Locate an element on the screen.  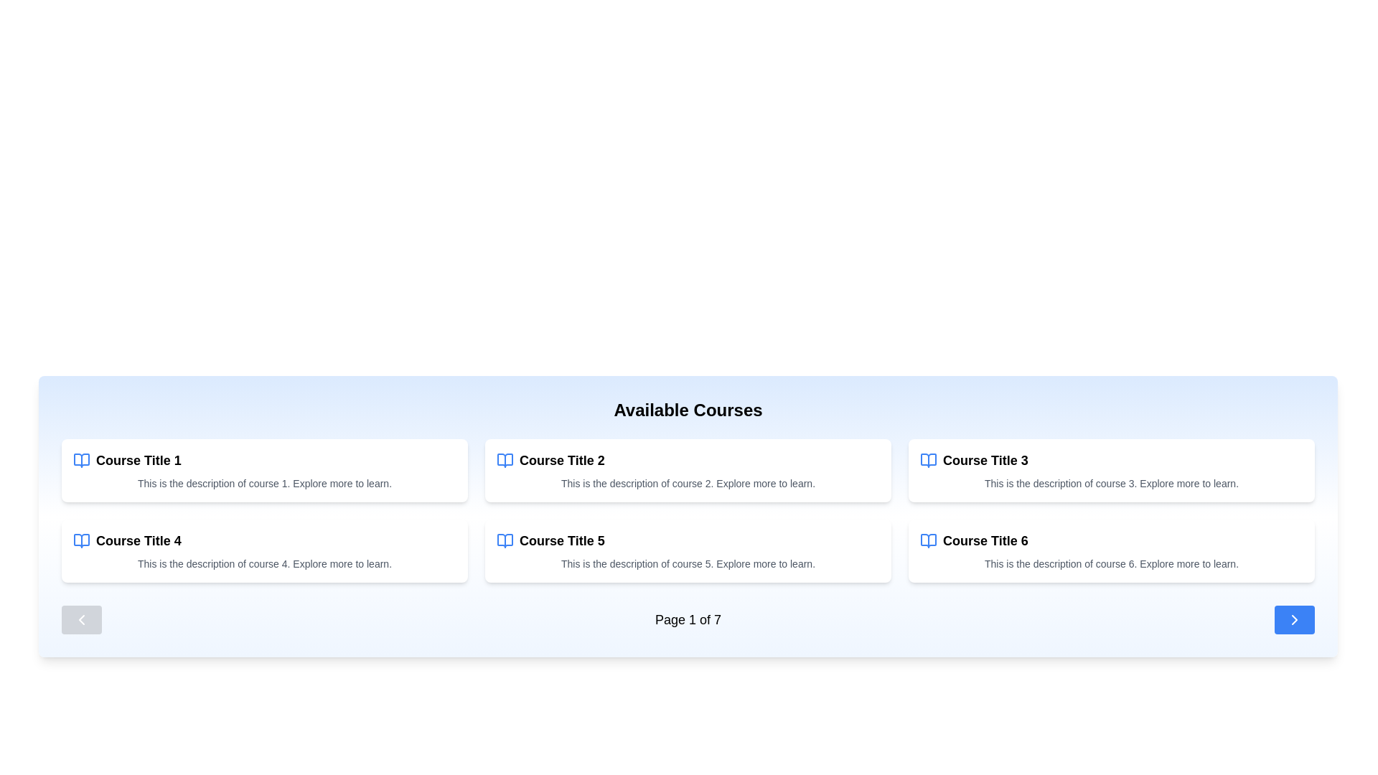
the decorative icon representing the course in the course card labeled 'Course Title 3', located in the third card of the top row is located at coordinates (929, 460).